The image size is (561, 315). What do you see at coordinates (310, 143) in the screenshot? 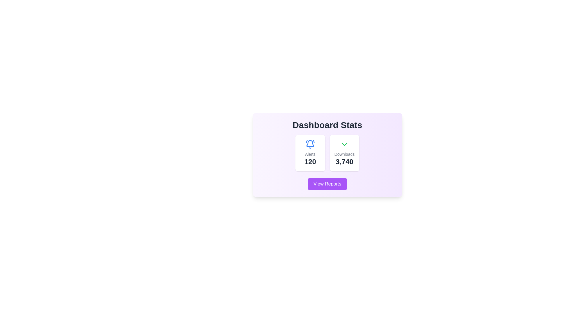
I see `the bell icon located` at bounding box center [310, 143].